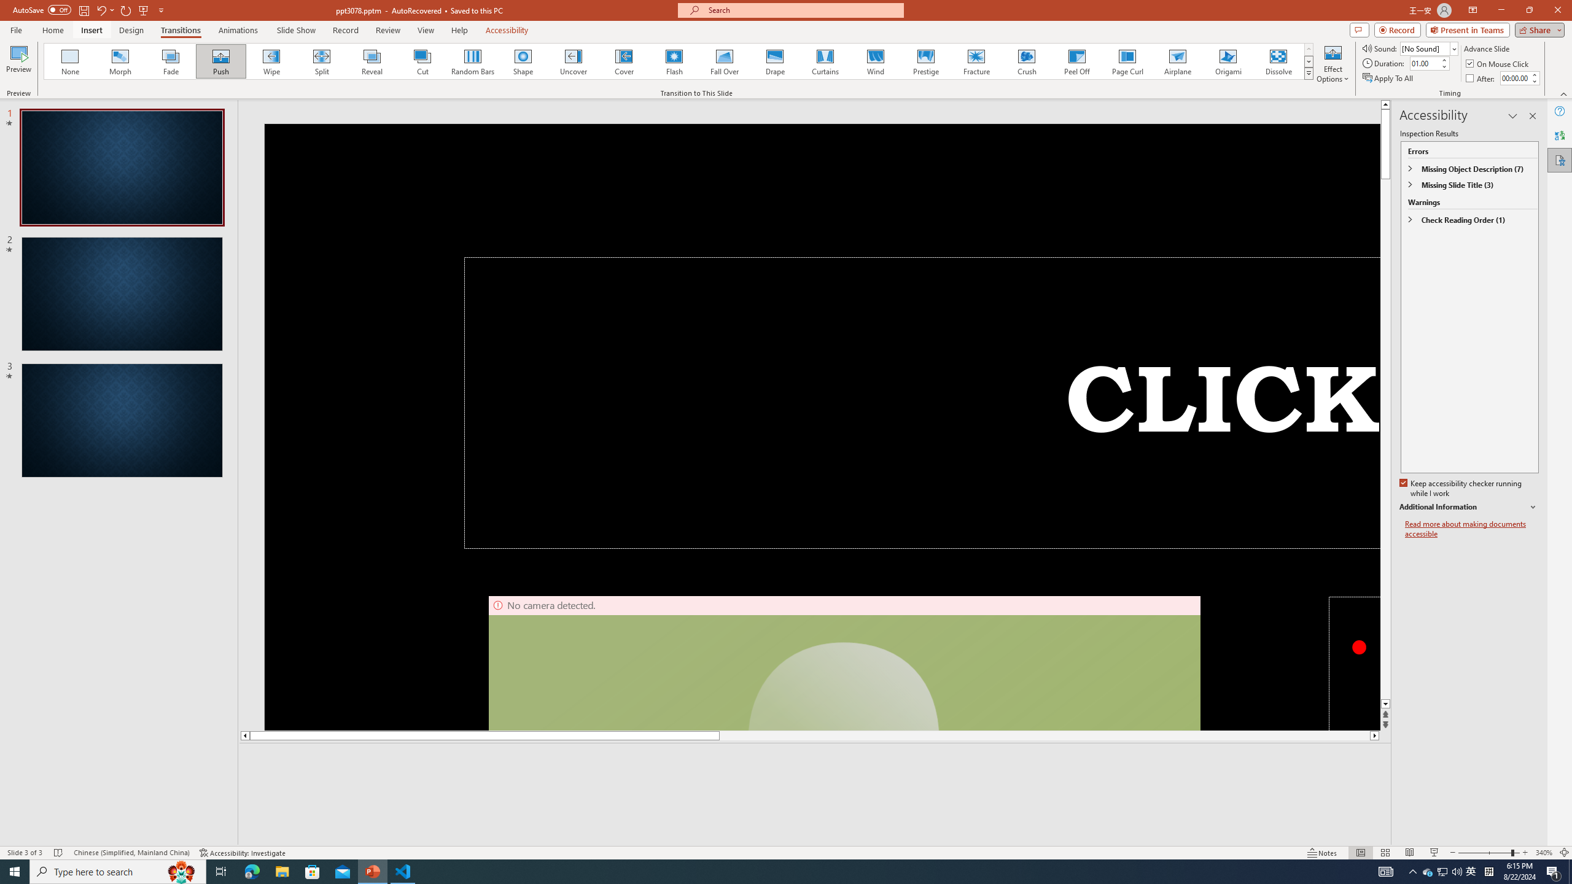 This screenshot has height=884, width=1572. I want to click on 'After', so click(1514, 77).